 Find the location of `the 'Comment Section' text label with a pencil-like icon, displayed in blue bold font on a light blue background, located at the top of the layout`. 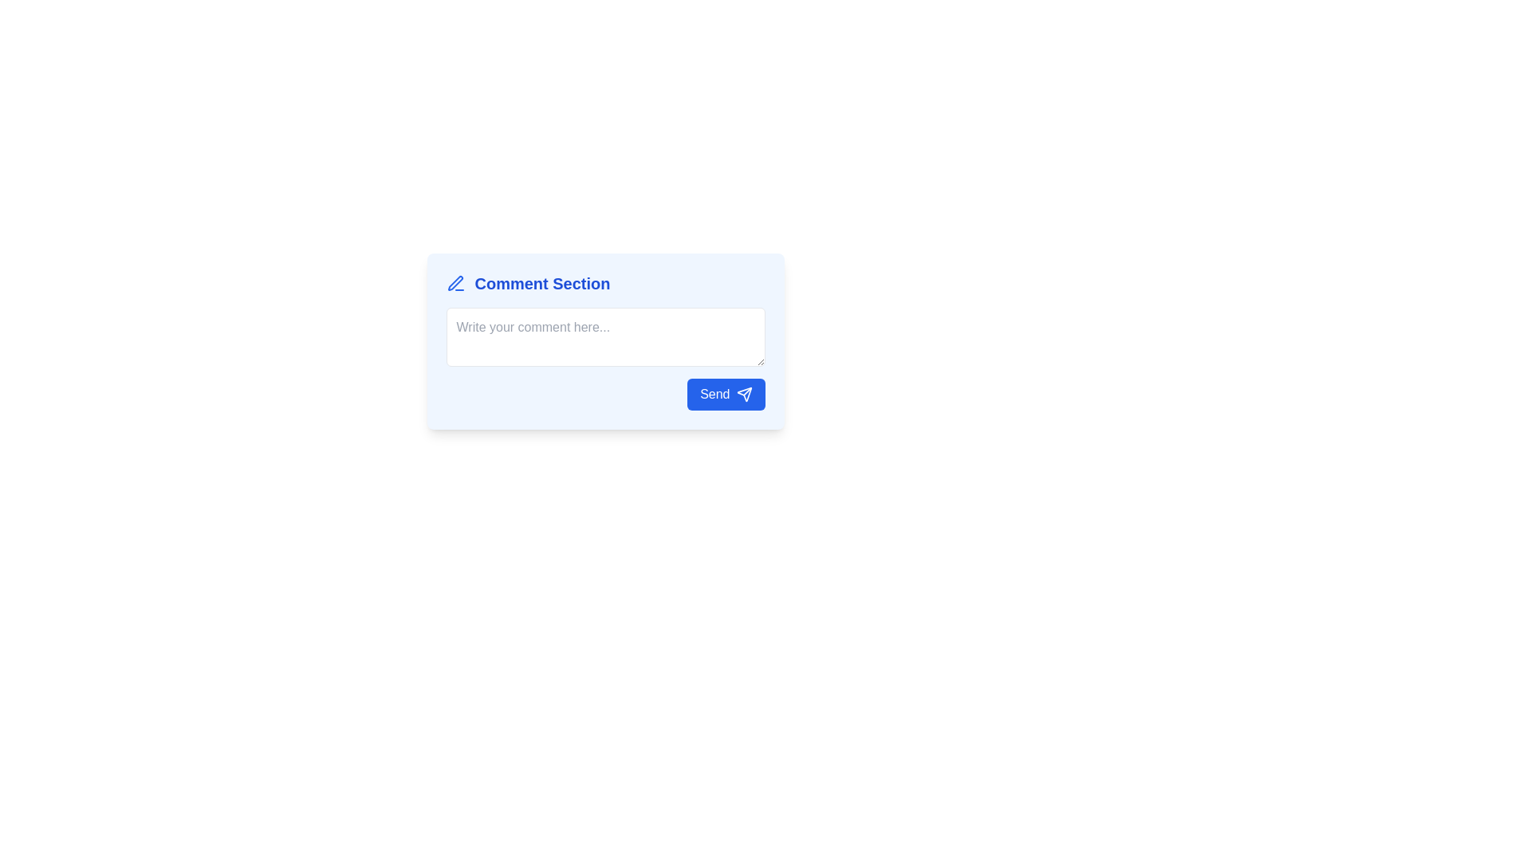

the 'Comment Section' text label with a pencil-like icon, displayed in blue bold font on a light blue background, located at the top of the layout is located at coordinates (604, 282).